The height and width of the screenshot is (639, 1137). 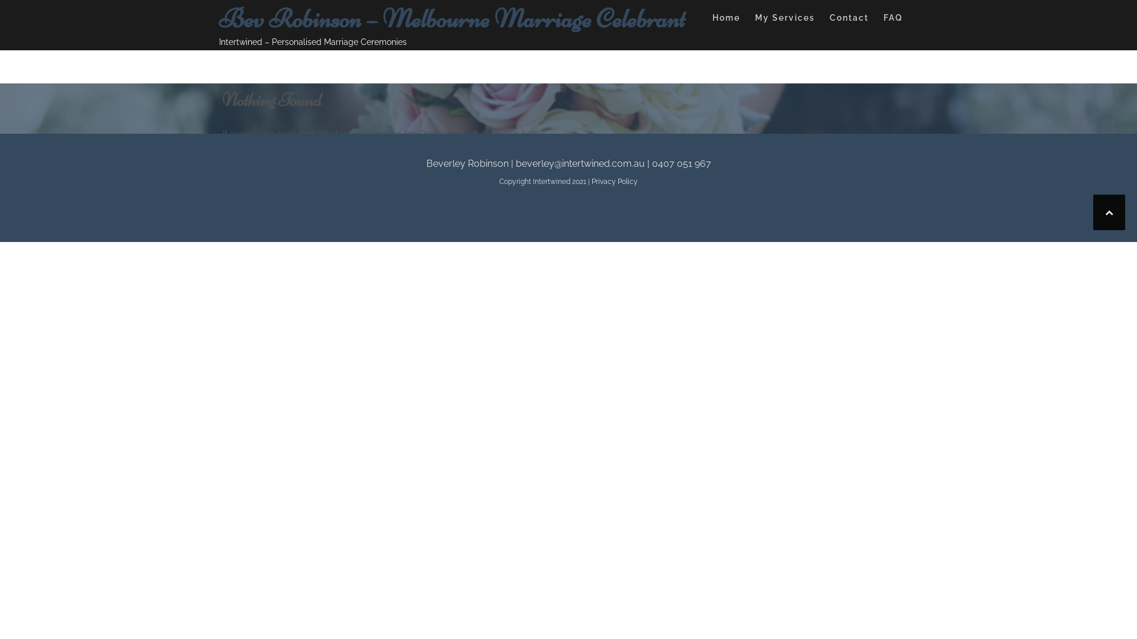 What do you see at coordinates (614, 182) in the screenshot?
I see `'Privacy Policy'` at bounding box center [614, 182].